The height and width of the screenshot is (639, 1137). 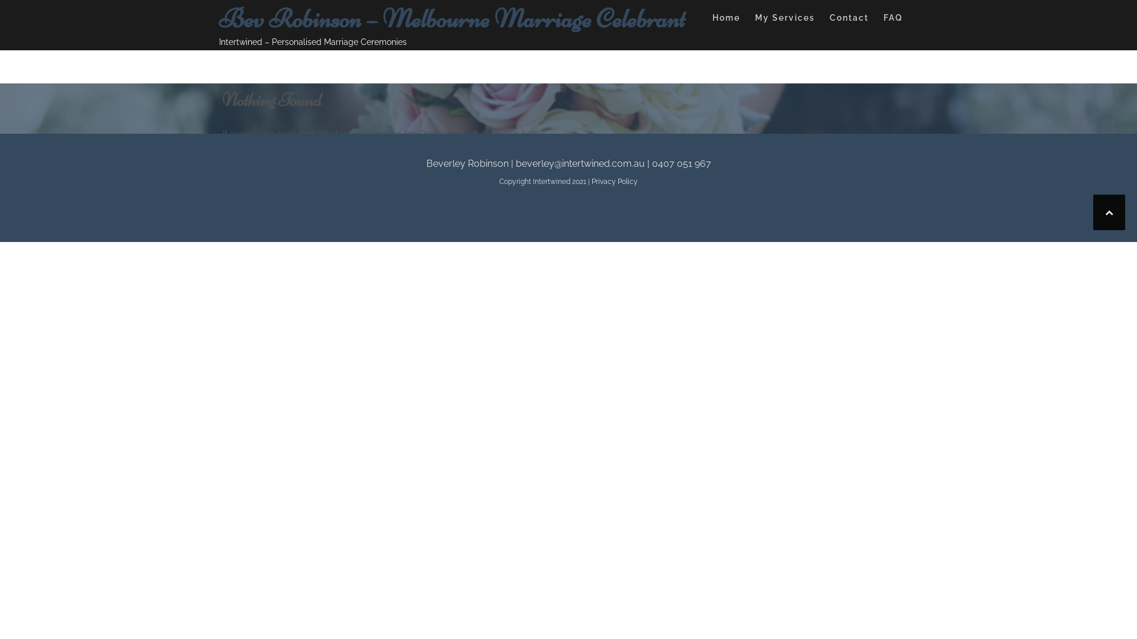 What do you see at coordinates (614, 182) in the screenshot?
I see `'Privacy Policy'` at bounding box center [614, 182].